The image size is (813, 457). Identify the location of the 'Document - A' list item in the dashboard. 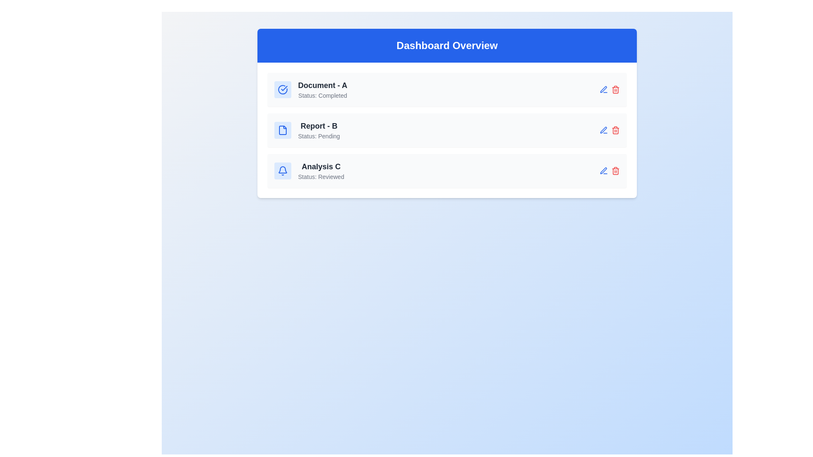
(447, 90).